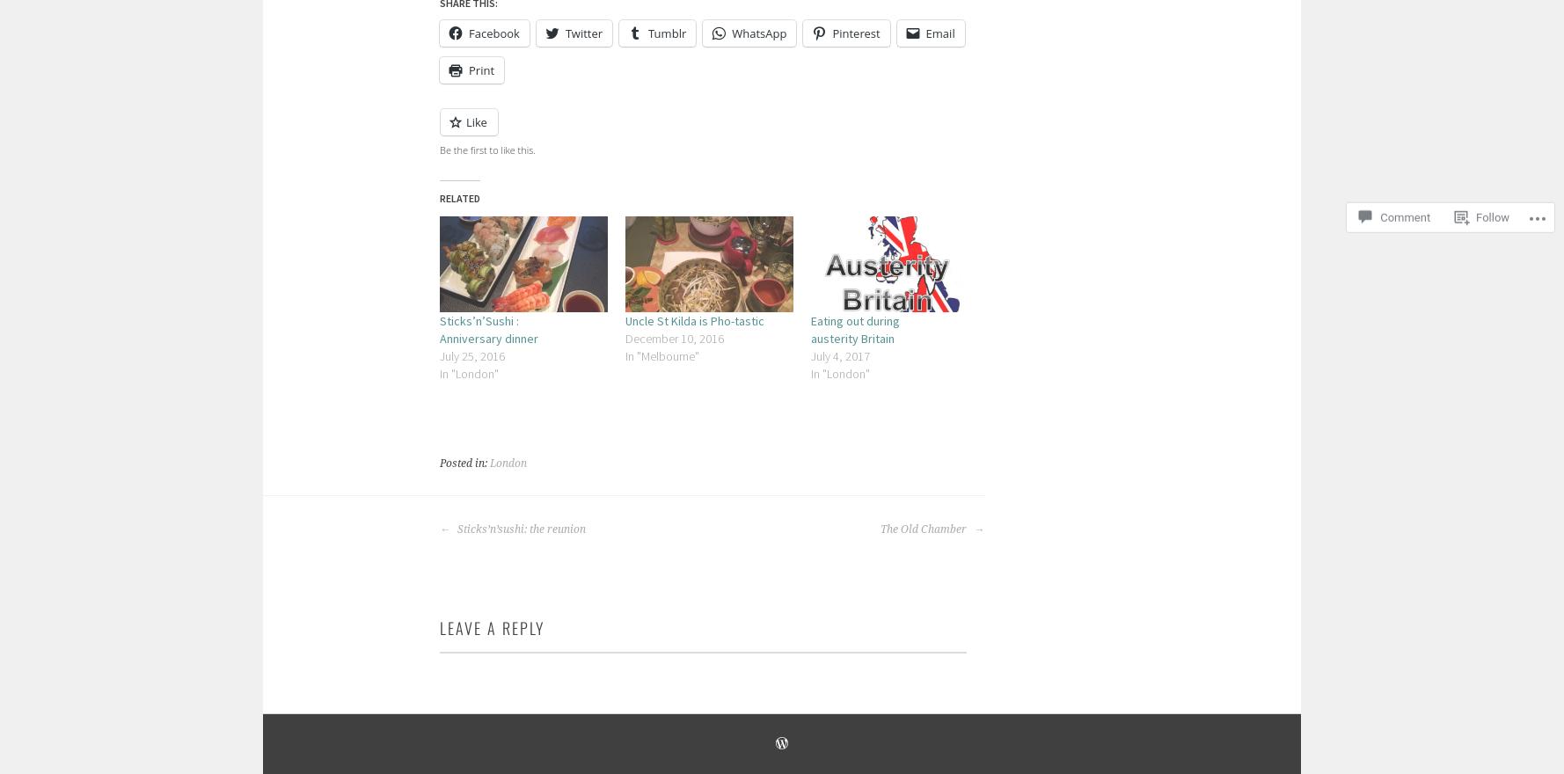 The width and height of the screenshot is (1564, 774). I want to click on 'Print', so click(469, 69).